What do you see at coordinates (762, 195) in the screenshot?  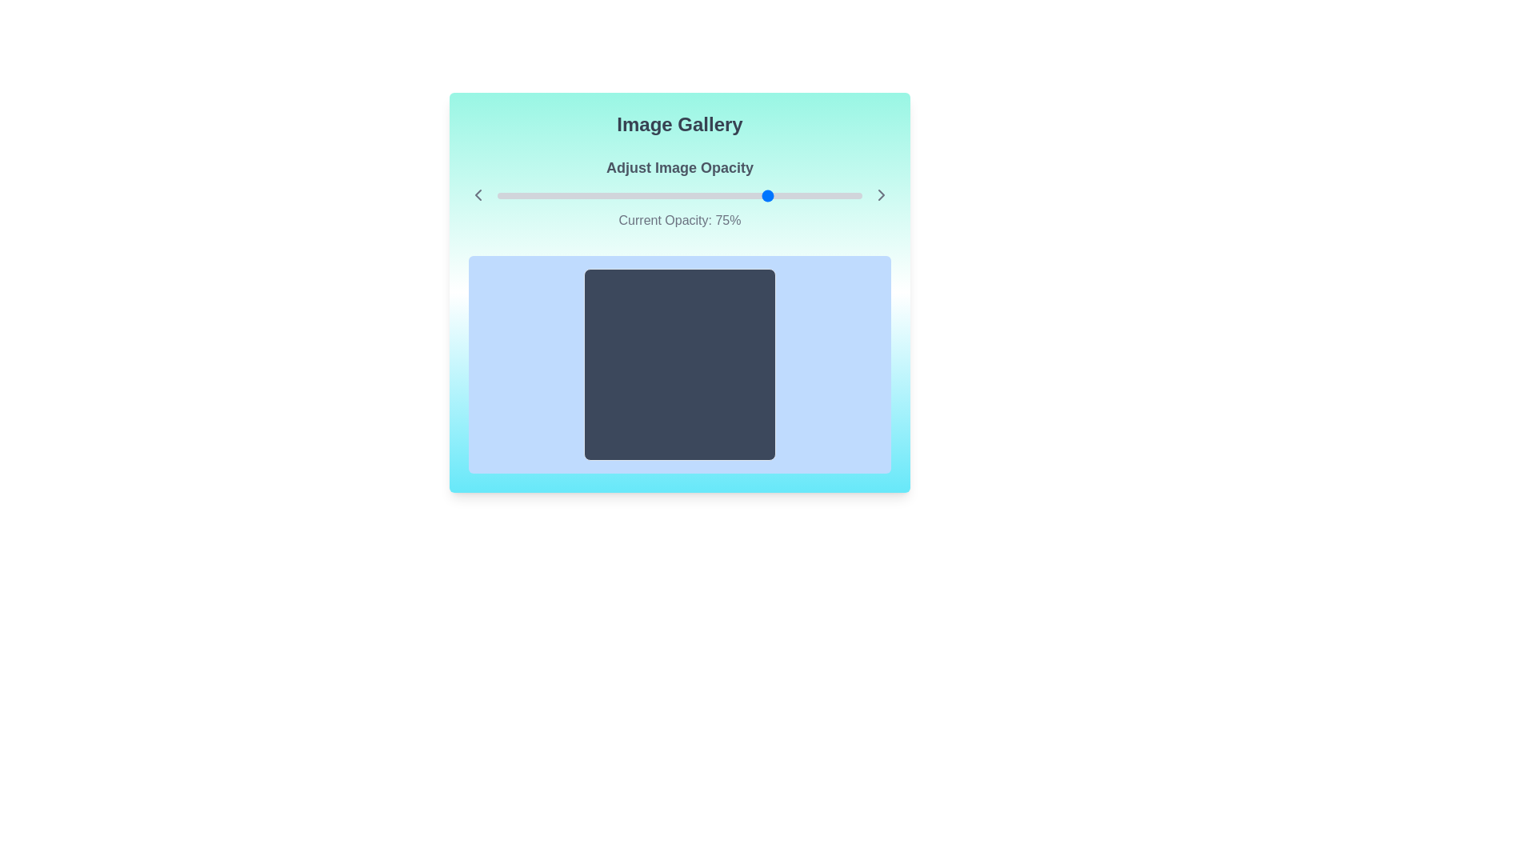 I see `the image opacity slider to 73%` at bounding box center [762, 195].